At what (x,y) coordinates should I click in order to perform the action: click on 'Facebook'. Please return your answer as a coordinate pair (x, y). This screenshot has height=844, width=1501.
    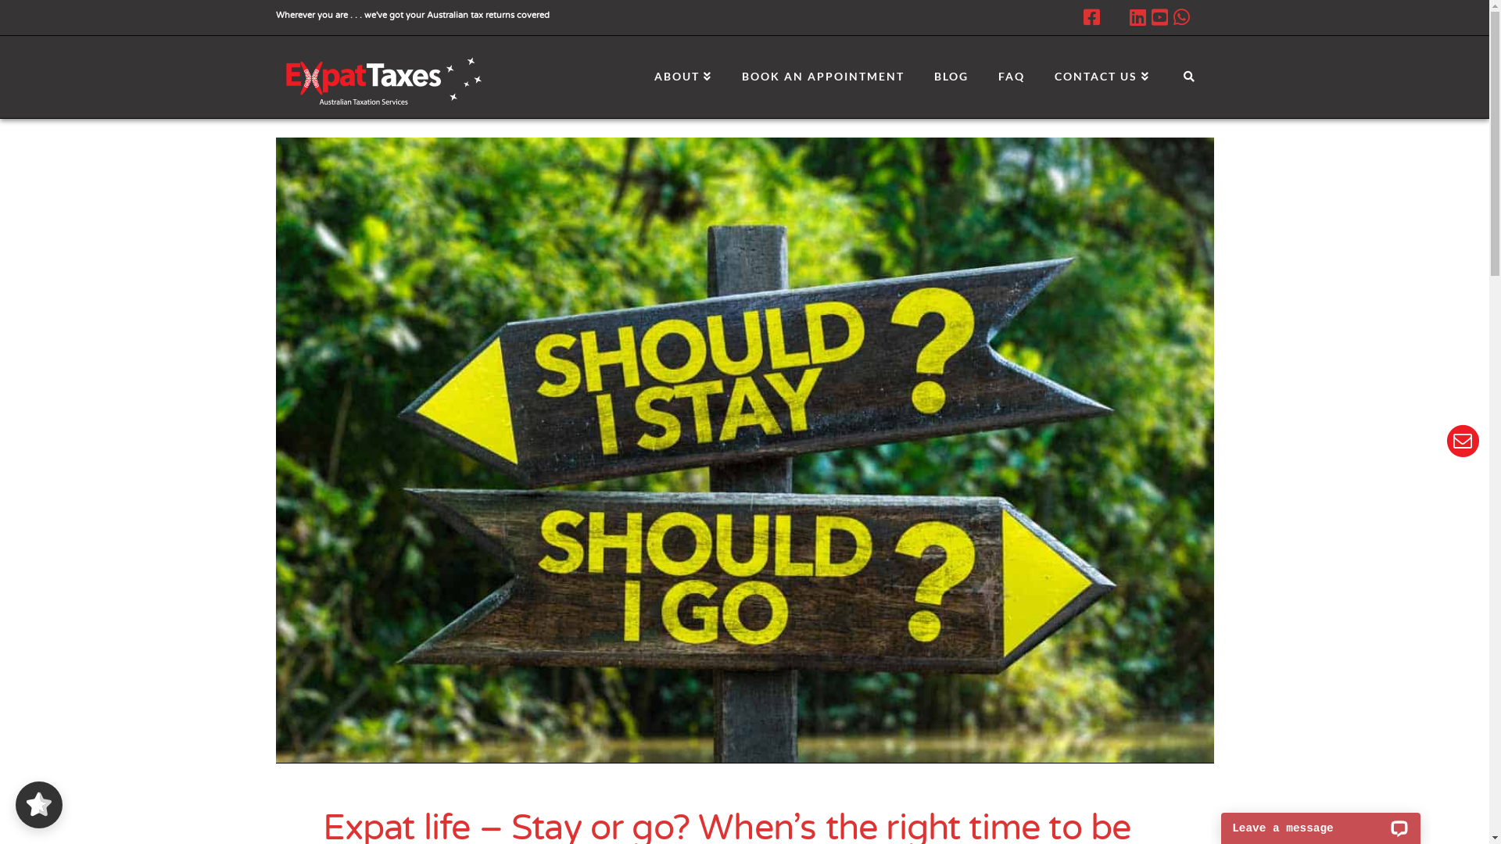
    Looking at the image, I should click on (1091, 17).